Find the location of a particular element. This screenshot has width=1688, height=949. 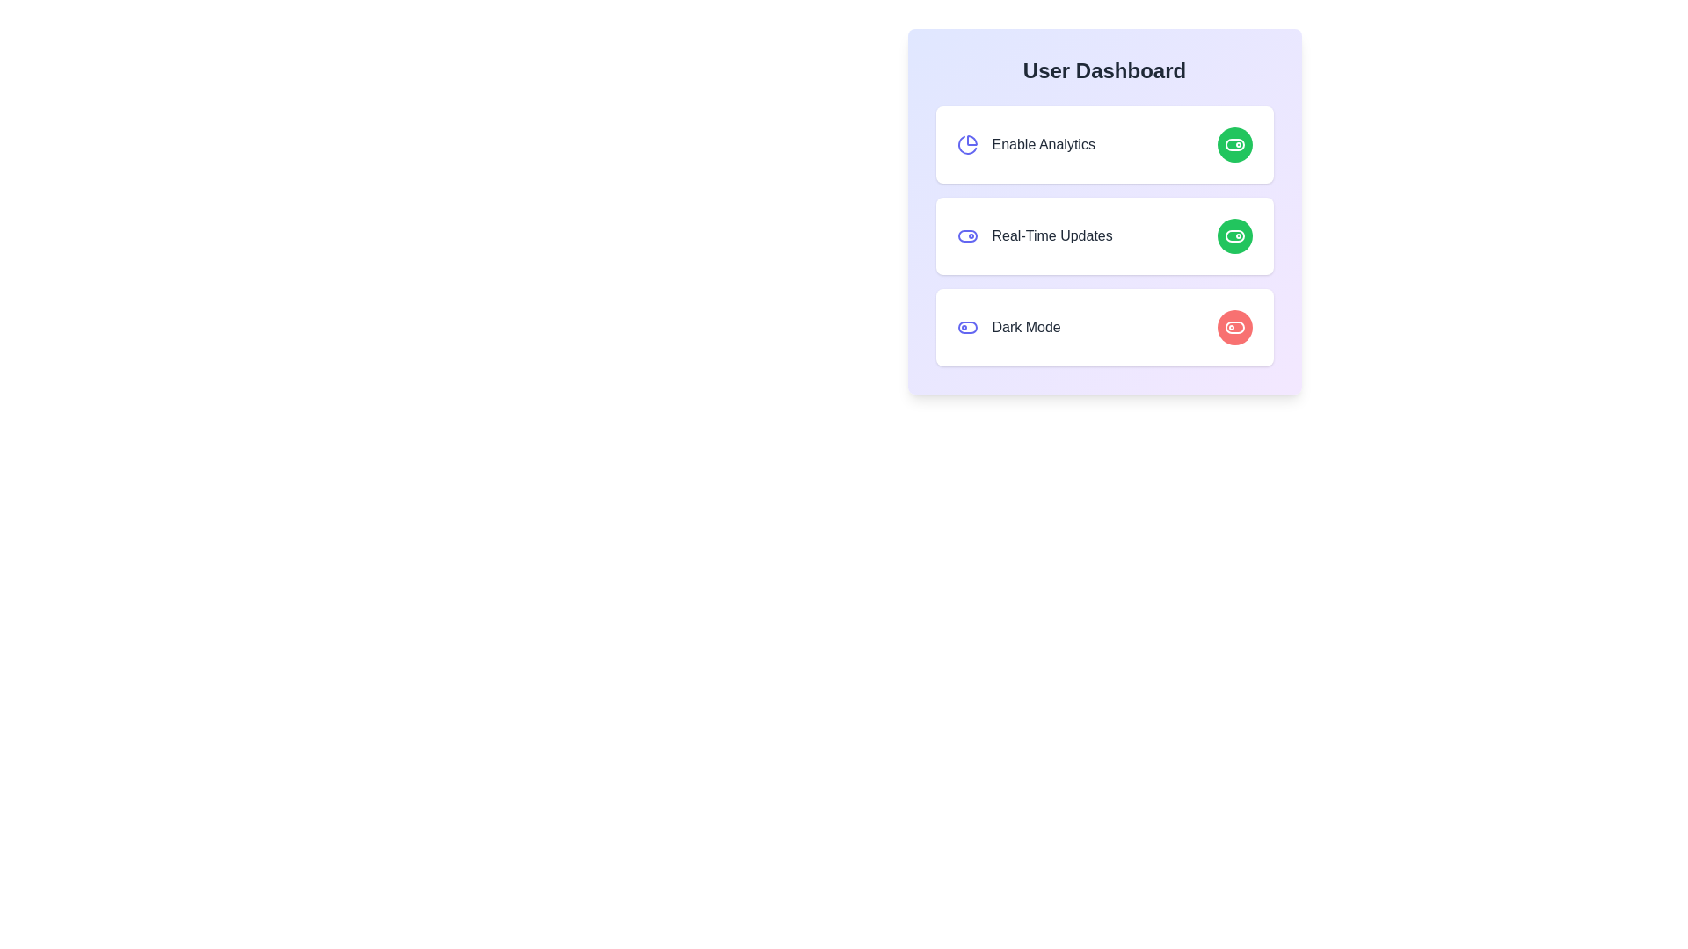

the toggle button for the 'Dark Mode' setting located in the bottom row of the 'User Dashboard' interface, positioned to the right of the 'Dark Mode' text is located at coordinates (1233, 328).